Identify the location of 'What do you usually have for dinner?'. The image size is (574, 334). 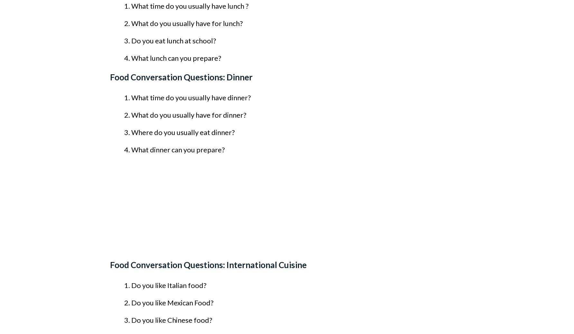
(131, 114).